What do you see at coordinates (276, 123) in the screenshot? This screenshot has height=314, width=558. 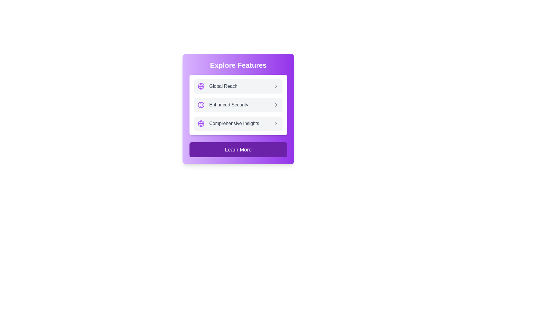 I see `the navigation icon located at the bottom edge of the 'Comprehensive Insights' card` at bounding box center [276, 123].